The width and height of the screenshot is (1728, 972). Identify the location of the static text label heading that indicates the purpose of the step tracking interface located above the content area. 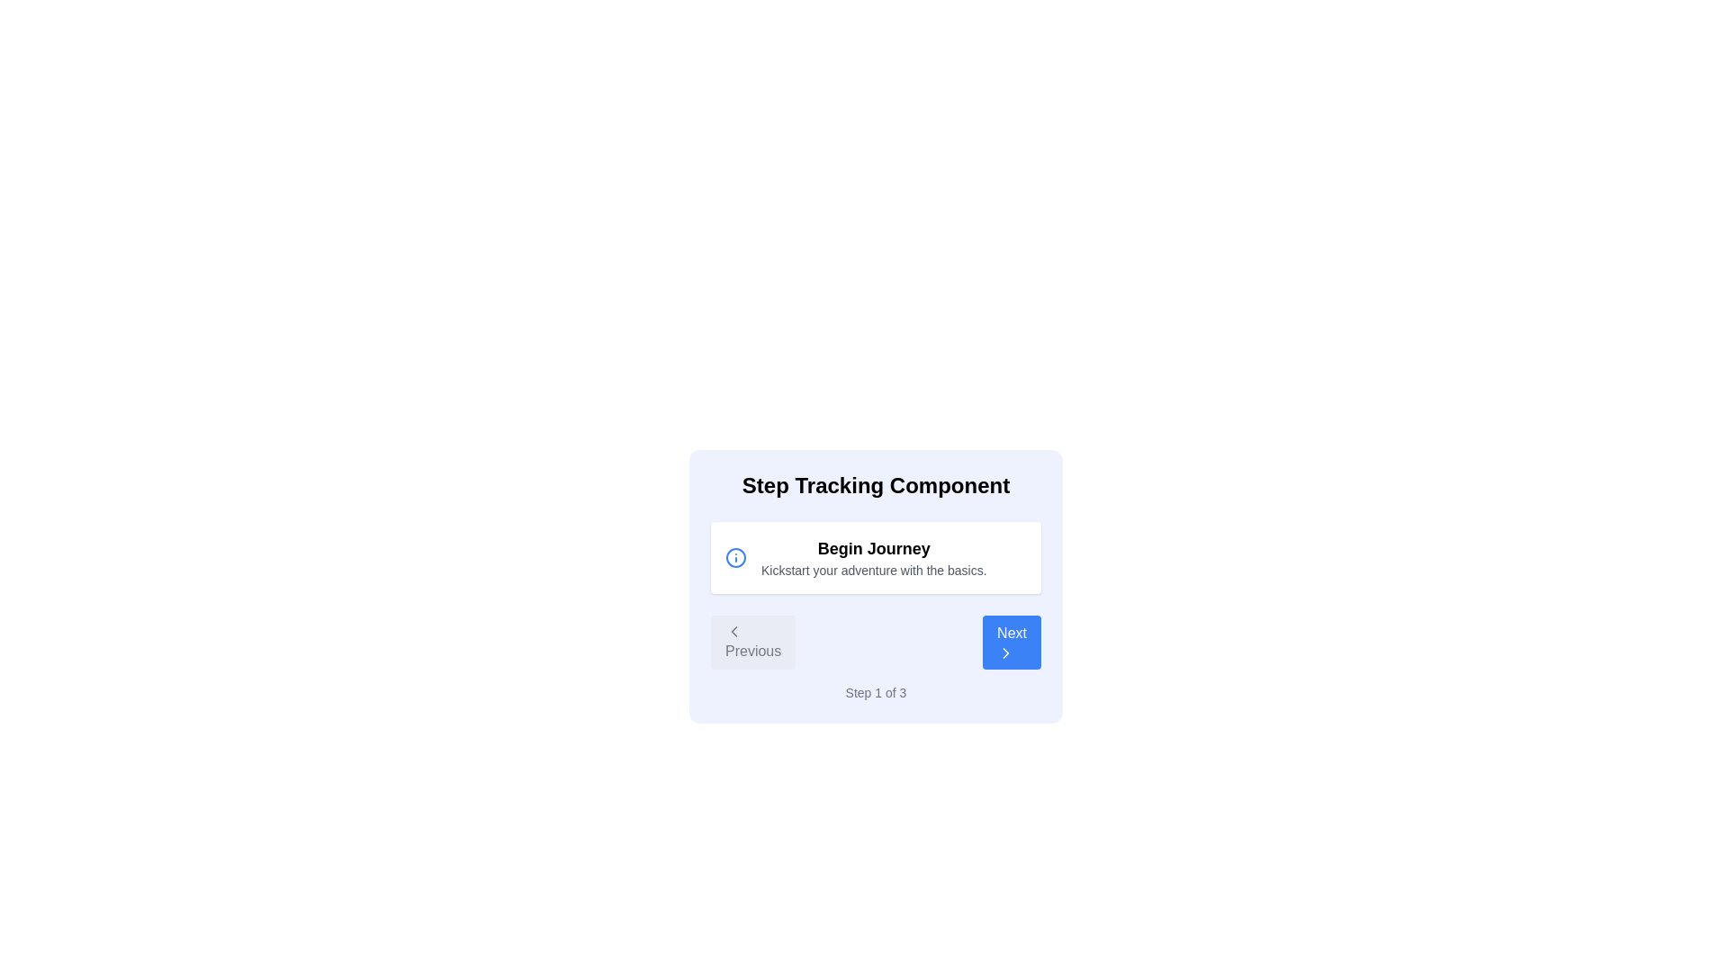
(876, 486).